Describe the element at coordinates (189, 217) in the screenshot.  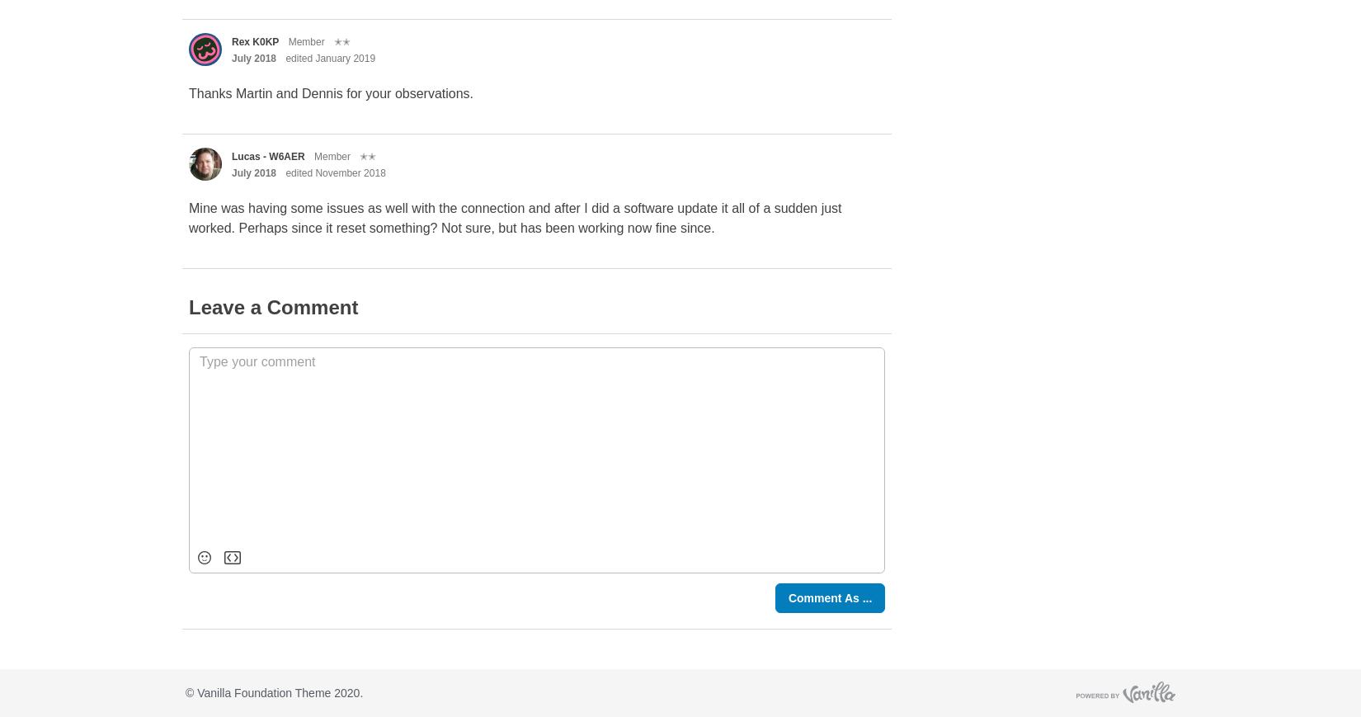
I see `'Mine was having some issues as well with the connection and after I did a software update it all of a sudden just worked. Perhaps since it reset something? Not sure, but has been working now fine since.'` at that location.